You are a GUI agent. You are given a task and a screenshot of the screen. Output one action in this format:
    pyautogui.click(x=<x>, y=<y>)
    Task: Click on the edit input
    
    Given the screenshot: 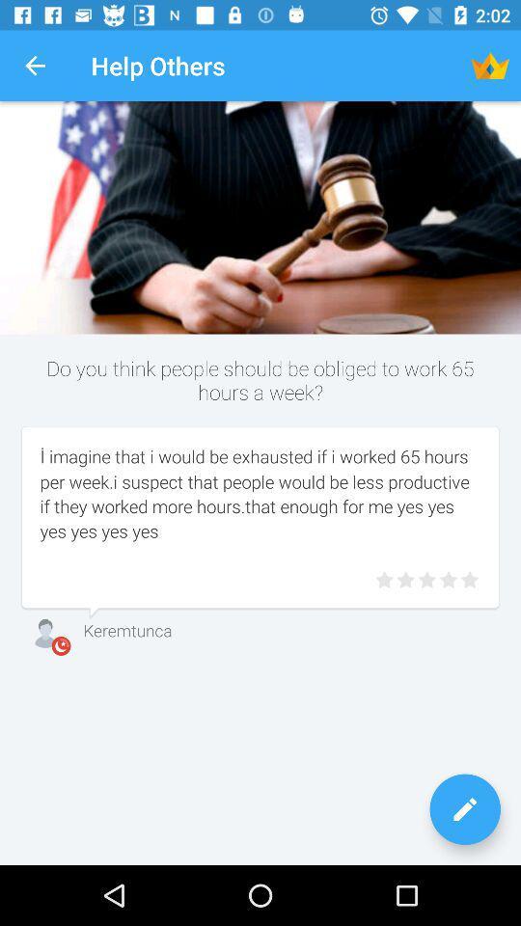 What is the action you would take?
    pyautogui.click(x=464, y=809)
    